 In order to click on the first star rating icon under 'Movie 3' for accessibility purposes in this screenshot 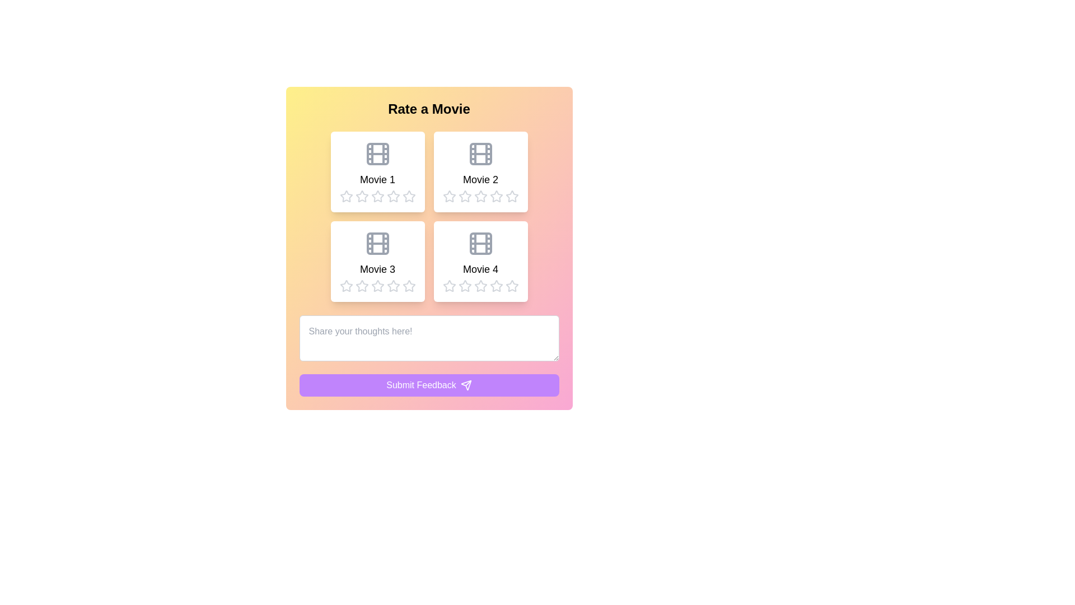, I will do `click(345, 285)`.